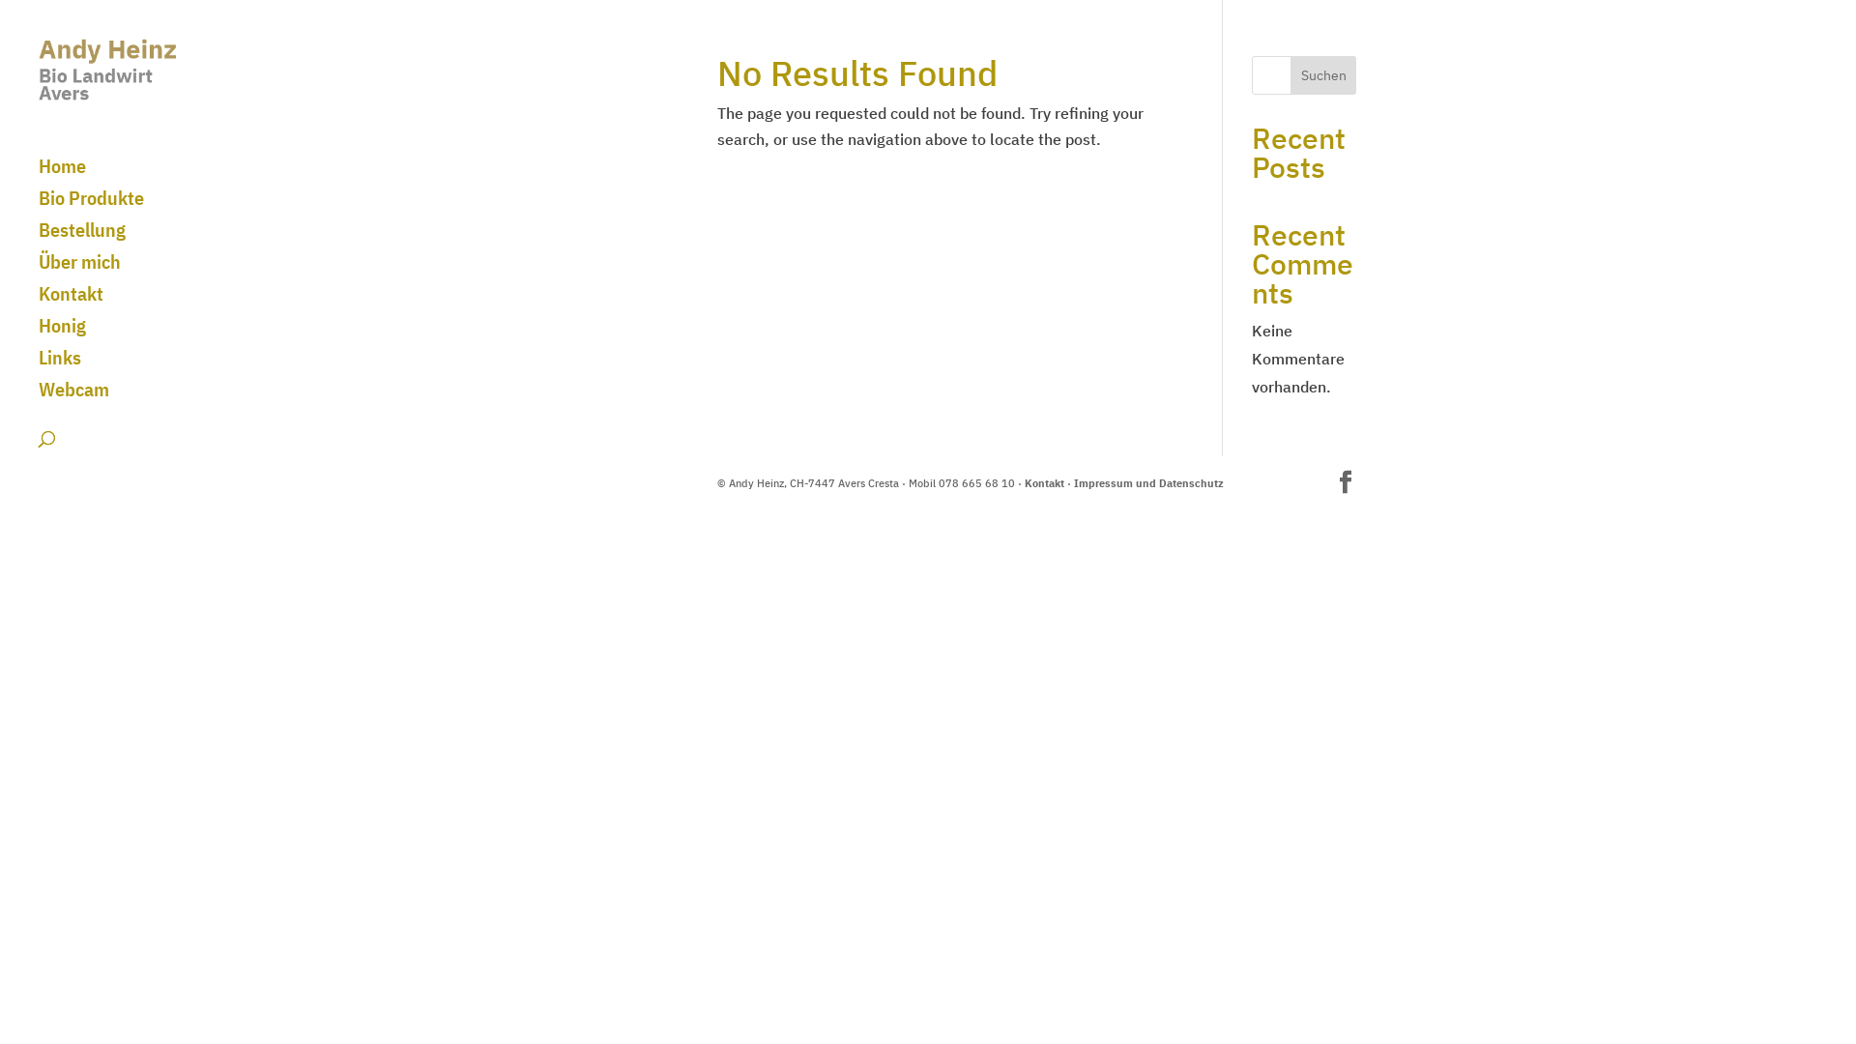 The width and height of the screenshot is (1856, 1044). What do you see at coordinates (1290, 73) in the screenshot?
I see `'Suchen'` at bounding box center [1290, 73].